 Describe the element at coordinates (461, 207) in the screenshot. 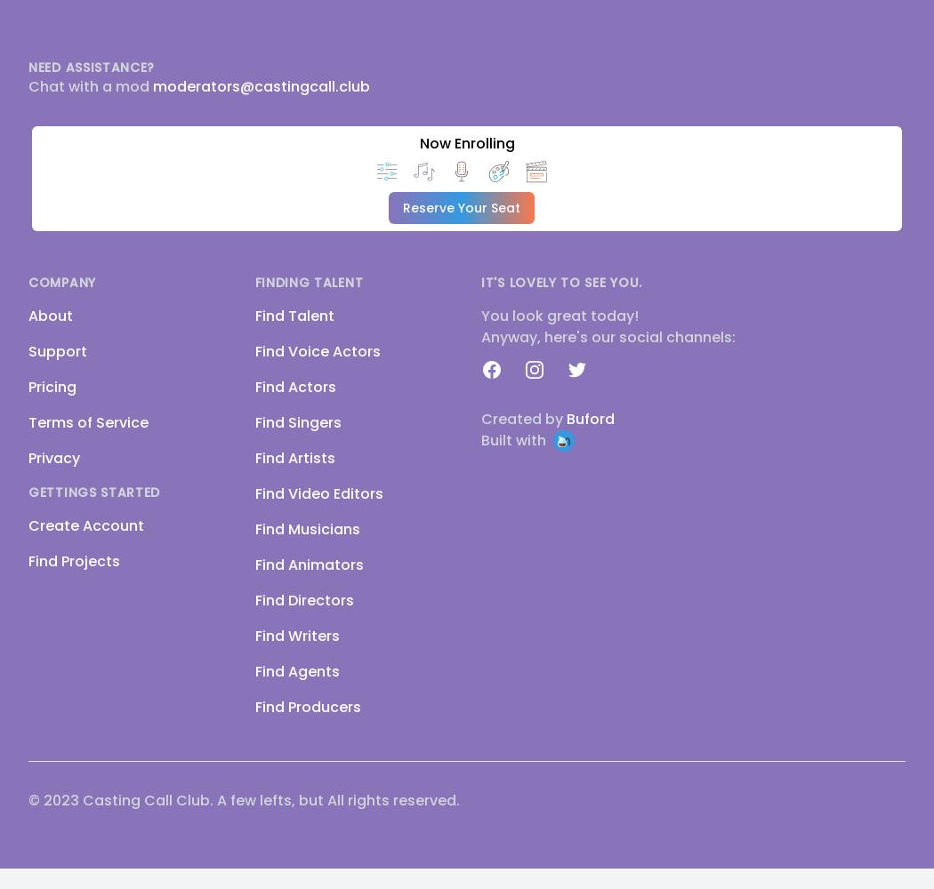

I see `'Reserve Your Seat'` at that location.